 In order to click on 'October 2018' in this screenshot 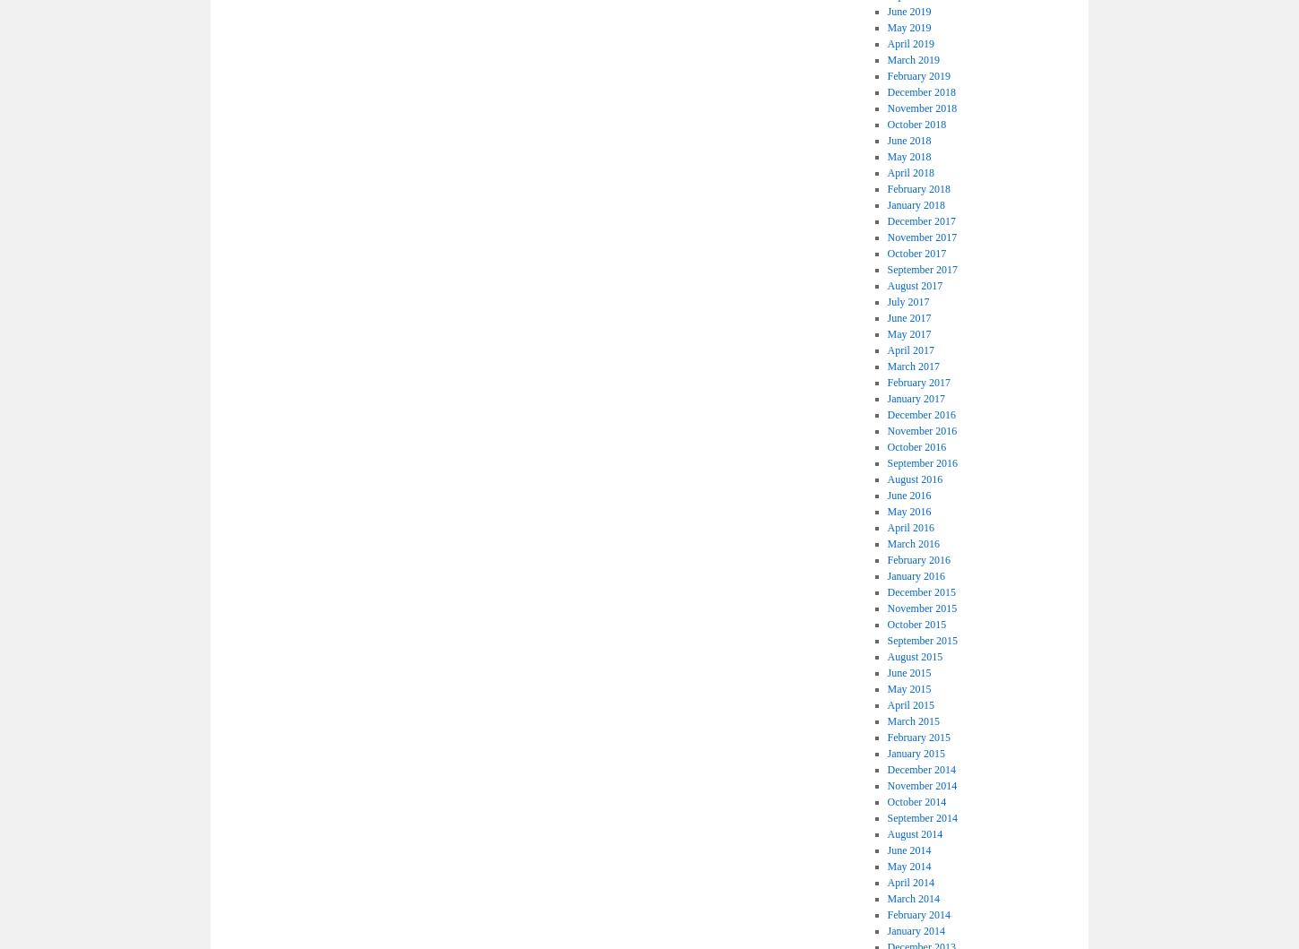, I will do `click(916, 124)`.